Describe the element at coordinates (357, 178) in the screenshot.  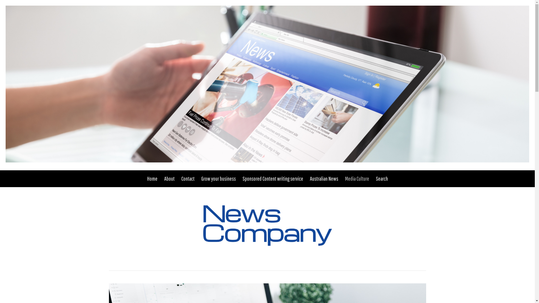
I see `'Media Culture'` at that location.